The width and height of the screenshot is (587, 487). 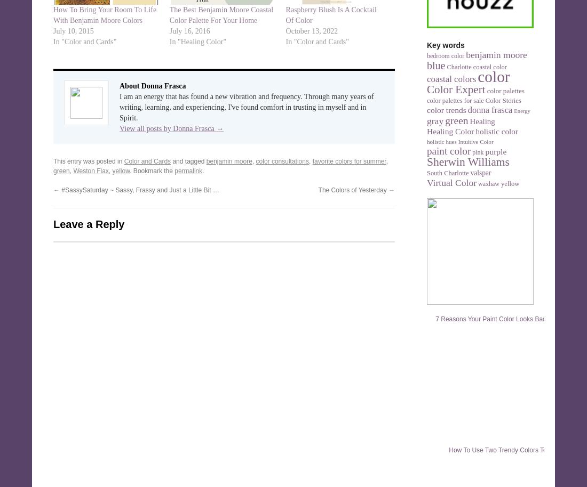 What do you see at coordinates (455, 101) in the screenshot?
I see `'color palettes for sale'` at bounding box center [455, 101].